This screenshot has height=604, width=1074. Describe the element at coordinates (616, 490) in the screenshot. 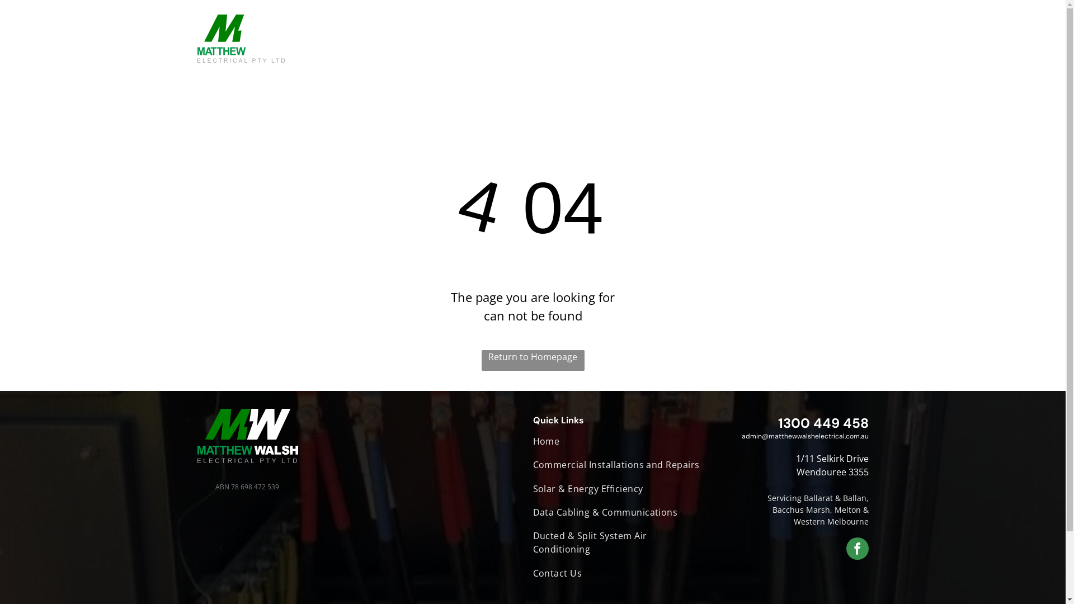

I see `'Solar & Energy Efficiency'` at that location.